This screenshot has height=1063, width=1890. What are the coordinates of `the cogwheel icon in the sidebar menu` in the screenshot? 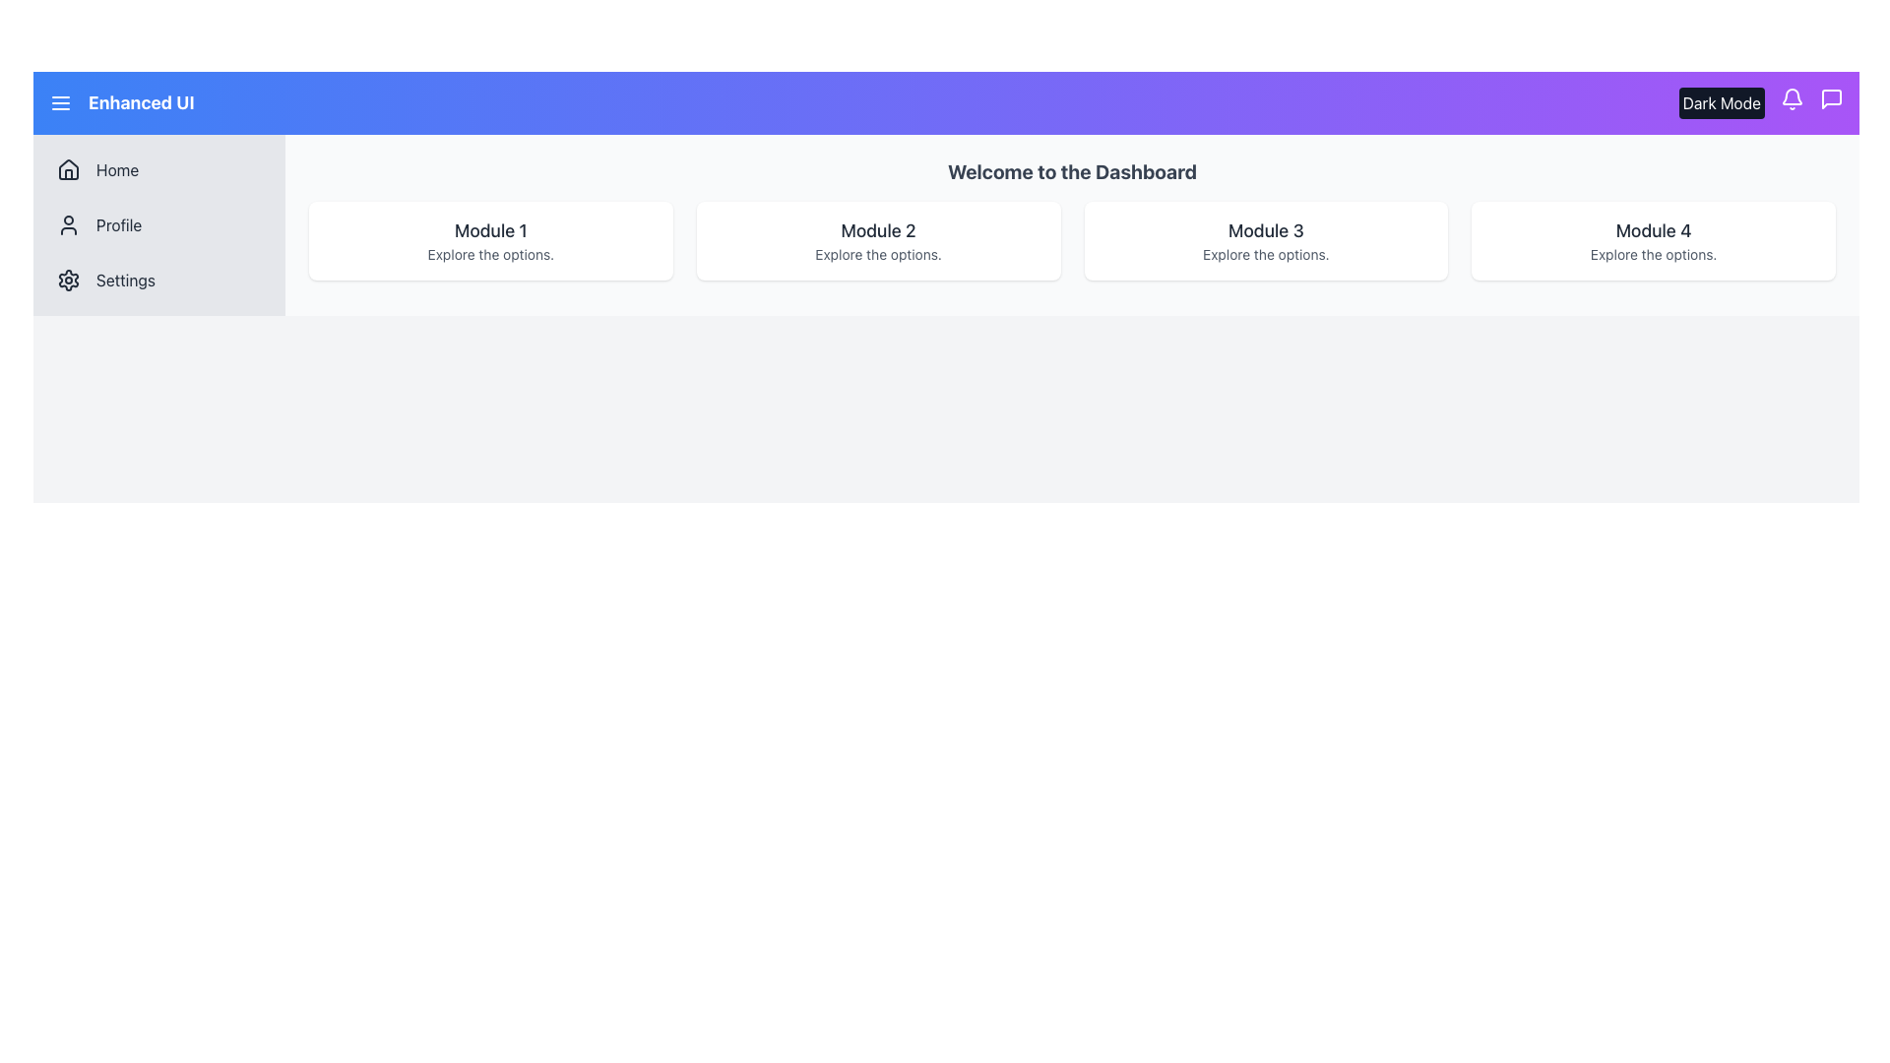 It's located at (69, 281).